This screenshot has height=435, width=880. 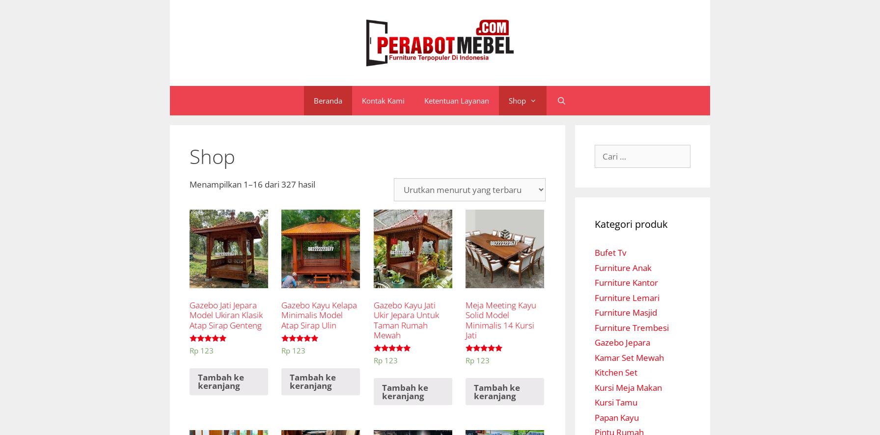 I want to click on 'Kursi Meja Makan', so click(x=628, y=386).